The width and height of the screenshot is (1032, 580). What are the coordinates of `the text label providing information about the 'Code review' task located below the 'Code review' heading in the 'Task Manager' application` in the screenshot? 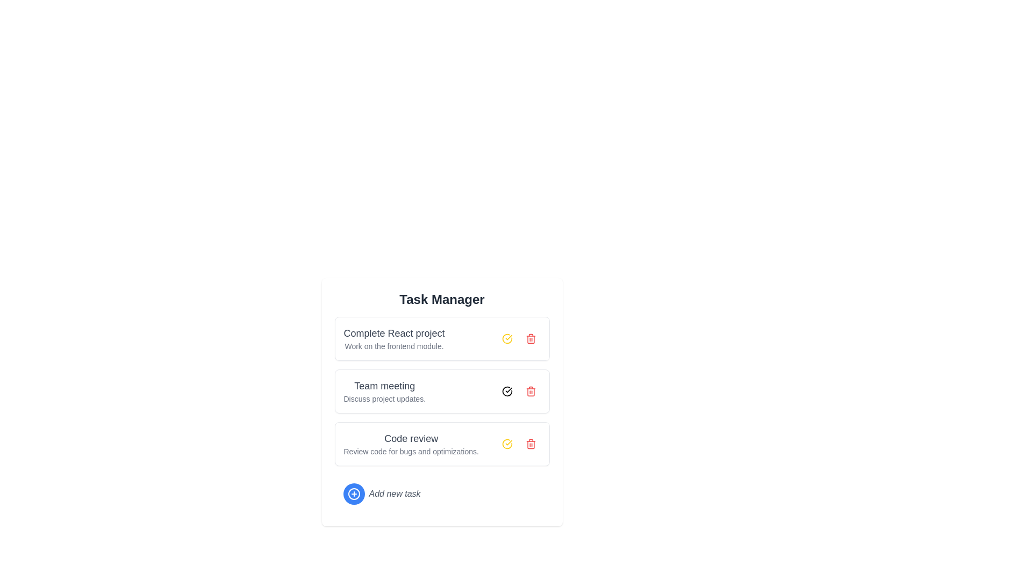 It's located at (411, 451).